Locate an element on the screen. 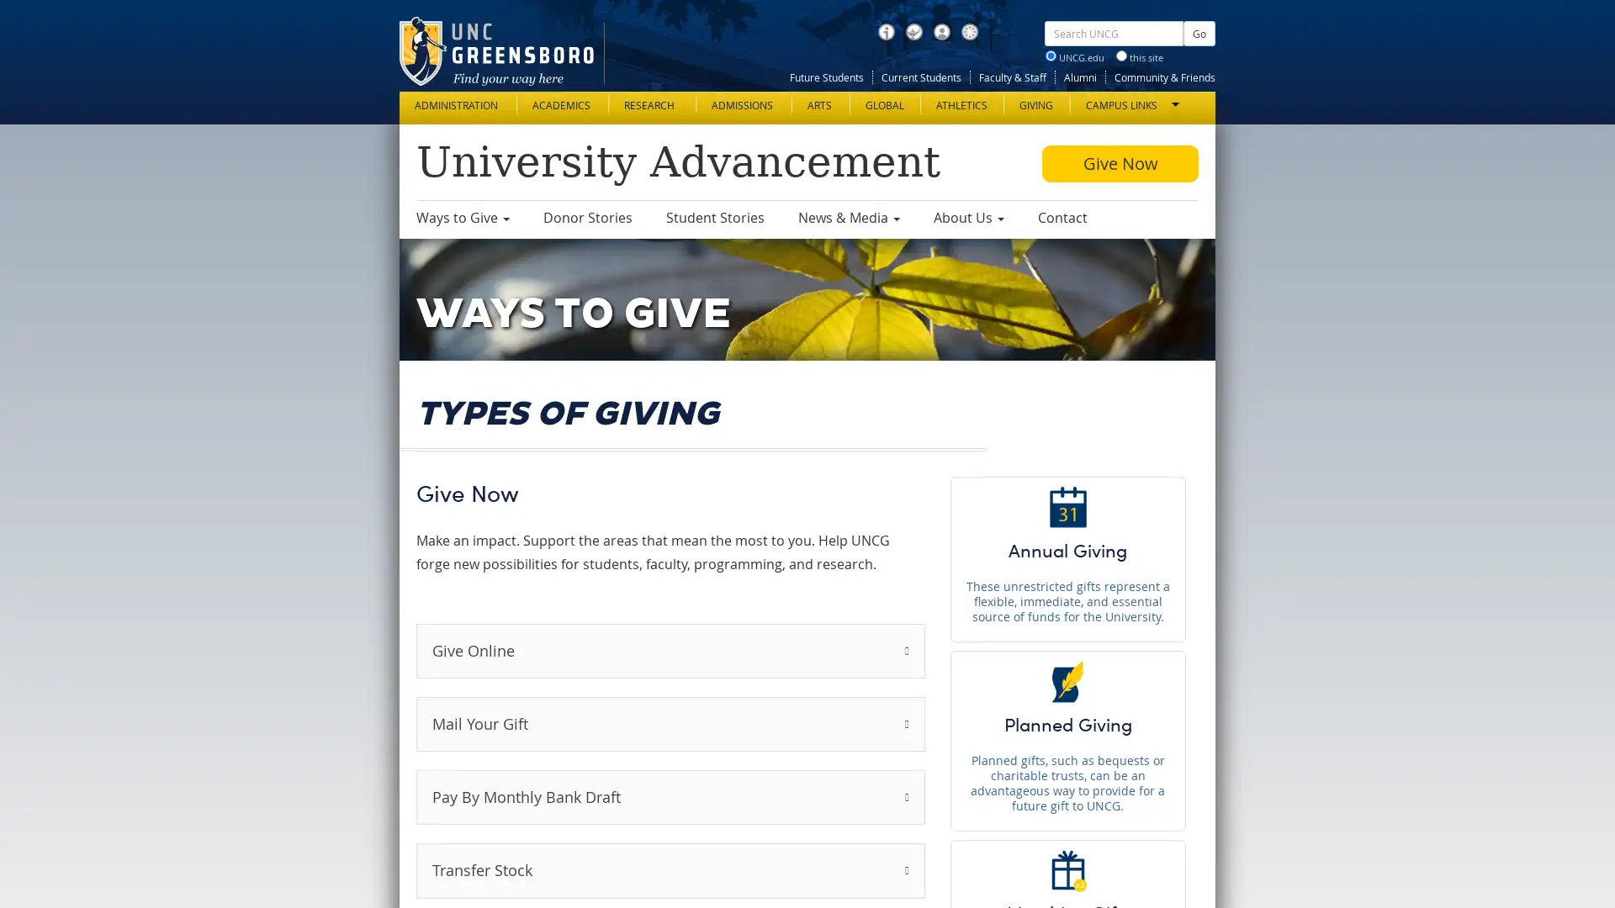  Go is located at coordinates (1198, 33).